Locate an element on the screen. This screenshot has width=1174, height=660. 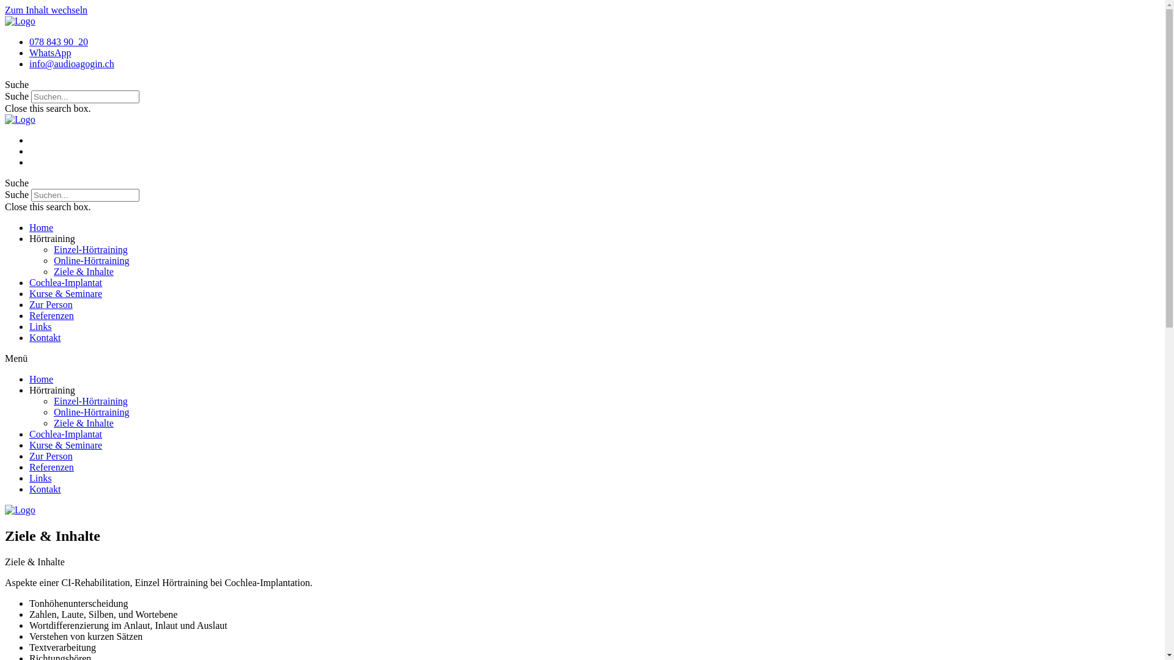
'Zum Inhalt wechseln' is located at coordinates (46, 10).